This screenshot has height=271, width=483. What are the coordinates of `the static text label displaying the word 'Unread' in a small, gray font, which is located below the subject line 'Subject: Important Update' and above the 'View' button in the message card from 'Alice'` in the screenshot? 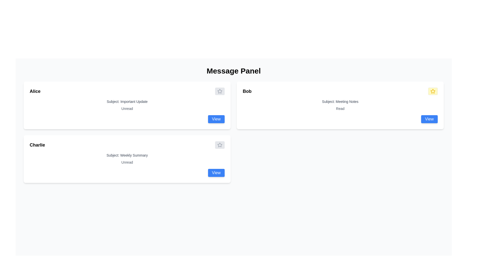 It's located at (127, 108).